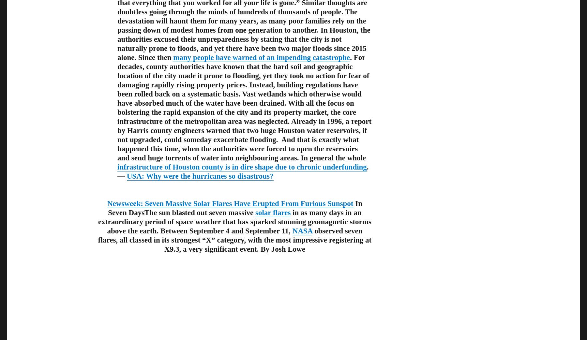 This screenshot has height=340, width=587. Describe the element at coordinates (117, 166) in the screenshot. I see `'infrastructure of Houston county is in dire shape due to chronic underfunding'` at that location.